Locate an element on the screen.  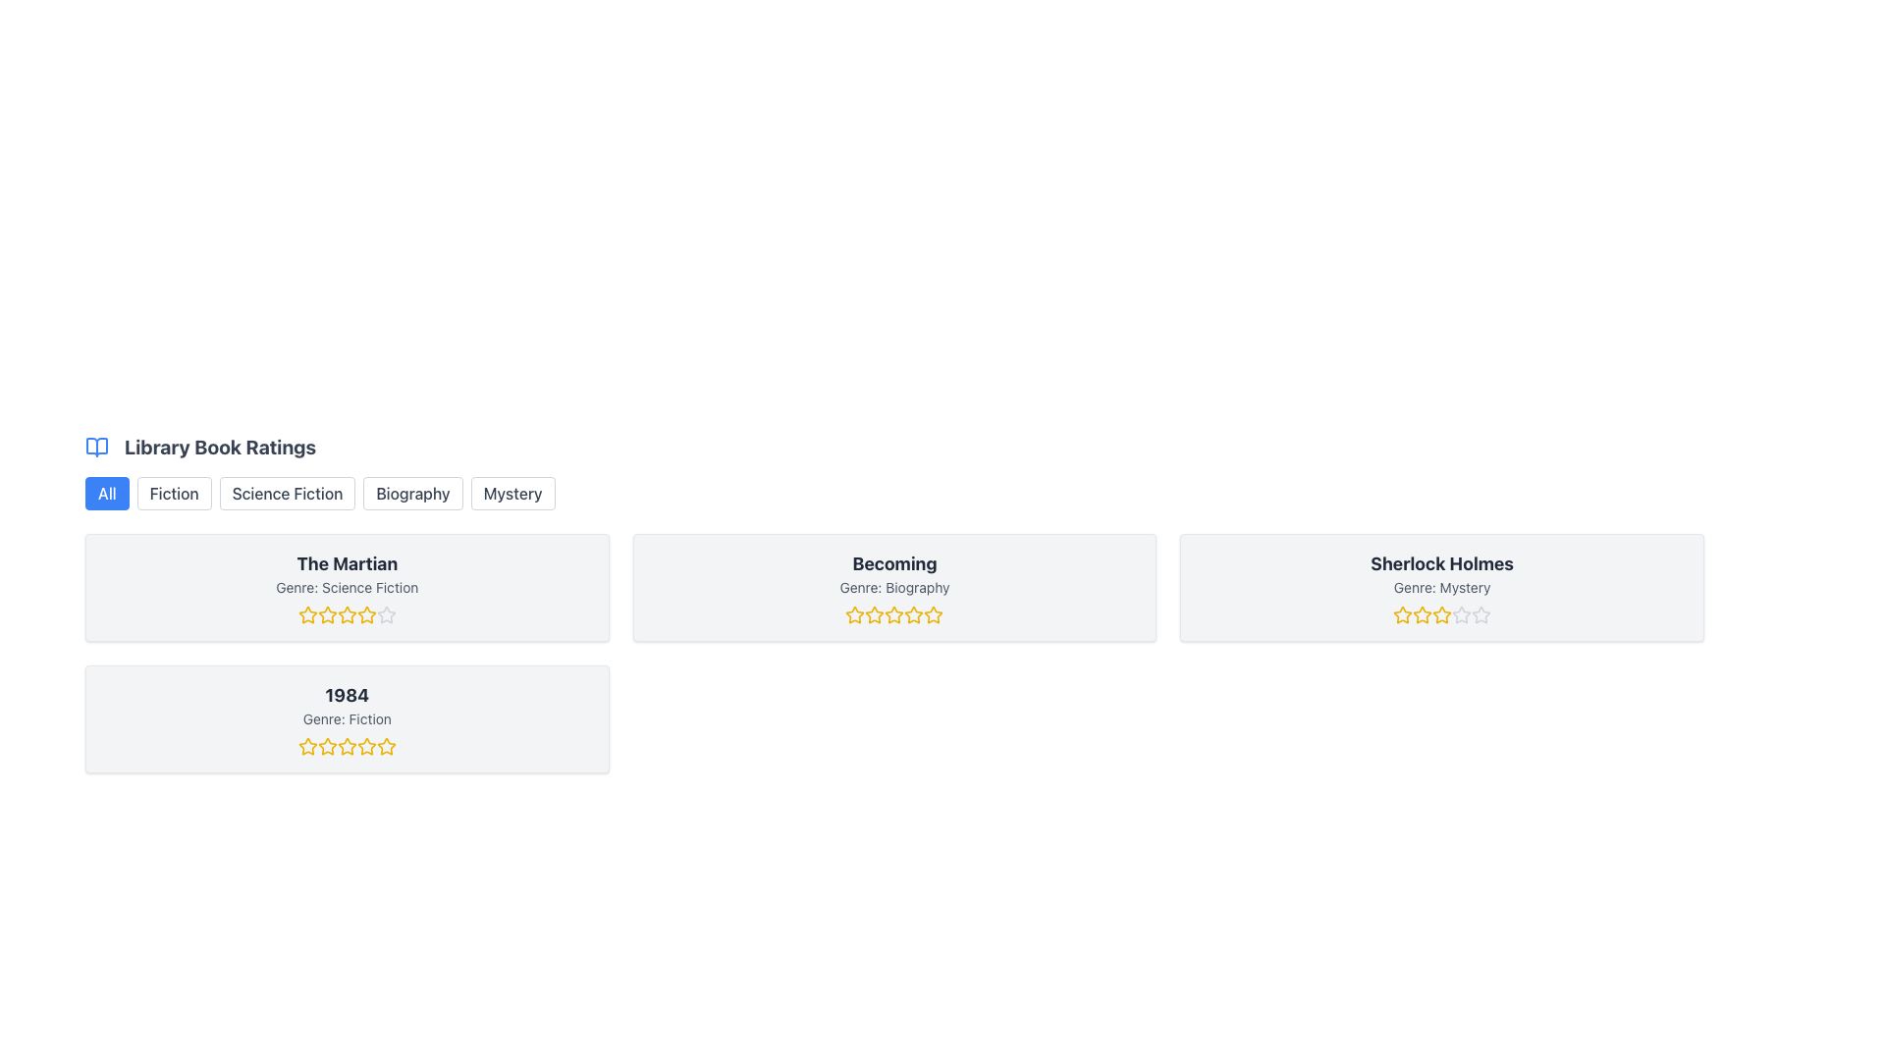
the third star icon in the five-star rating row for the book '1984', which has a yellow outline and hollow center is located at coordinates (386, 746).